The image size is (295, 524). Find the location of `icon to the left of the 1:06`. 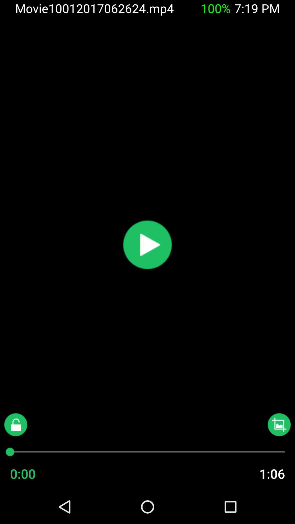

icon to the left of the 1:06 is located at coordinates (34, 473).